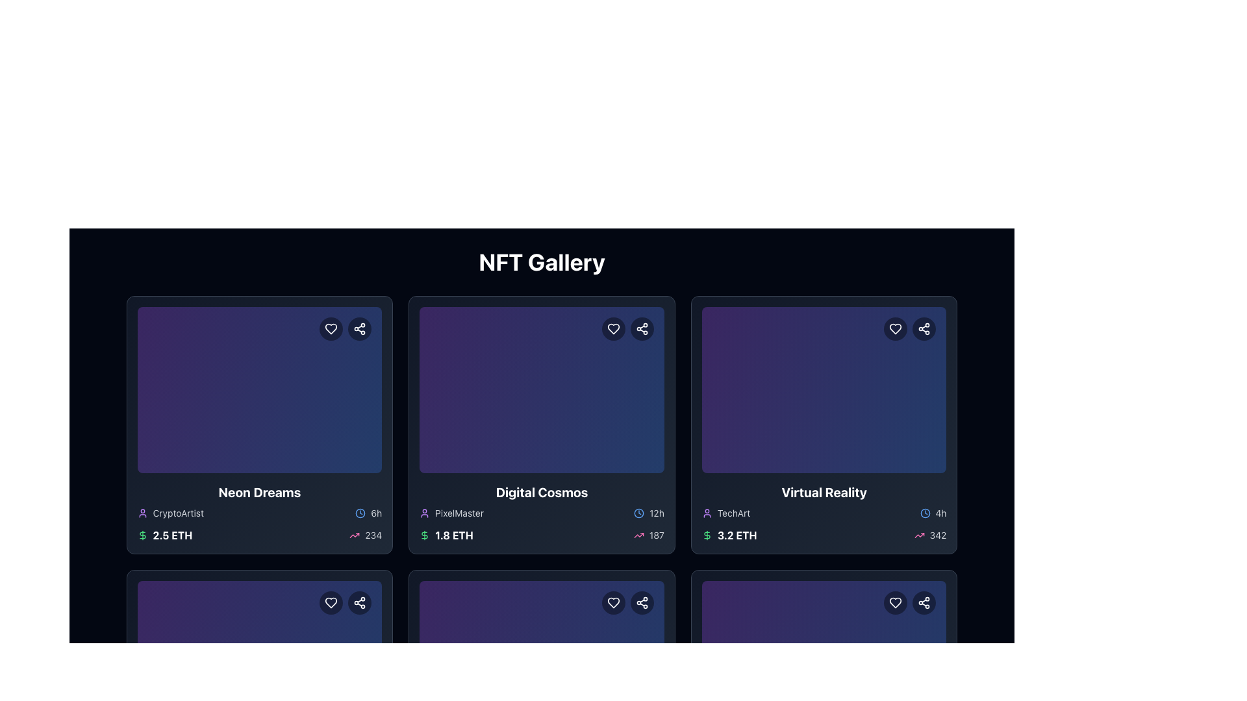  Describe the element at coordinates (446, 535) in the screenshot. I see `the text label displaying the price or cost associated with the item located in the second card from the left in the top row of the grid layout, positioned below the username 'PixelMaster'` at that location.